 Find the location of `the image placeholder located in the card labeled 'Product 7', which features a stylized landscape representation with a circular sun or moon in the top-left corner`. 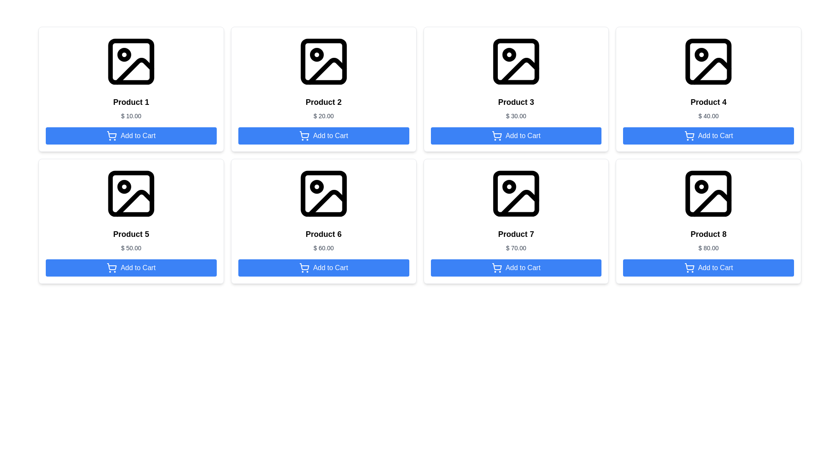

the image placeholder located in the card labeled 'Product 7', which features a stylized landscape representation with a circular sun or moon in the top-left corner is located at coordinates (516, 193).